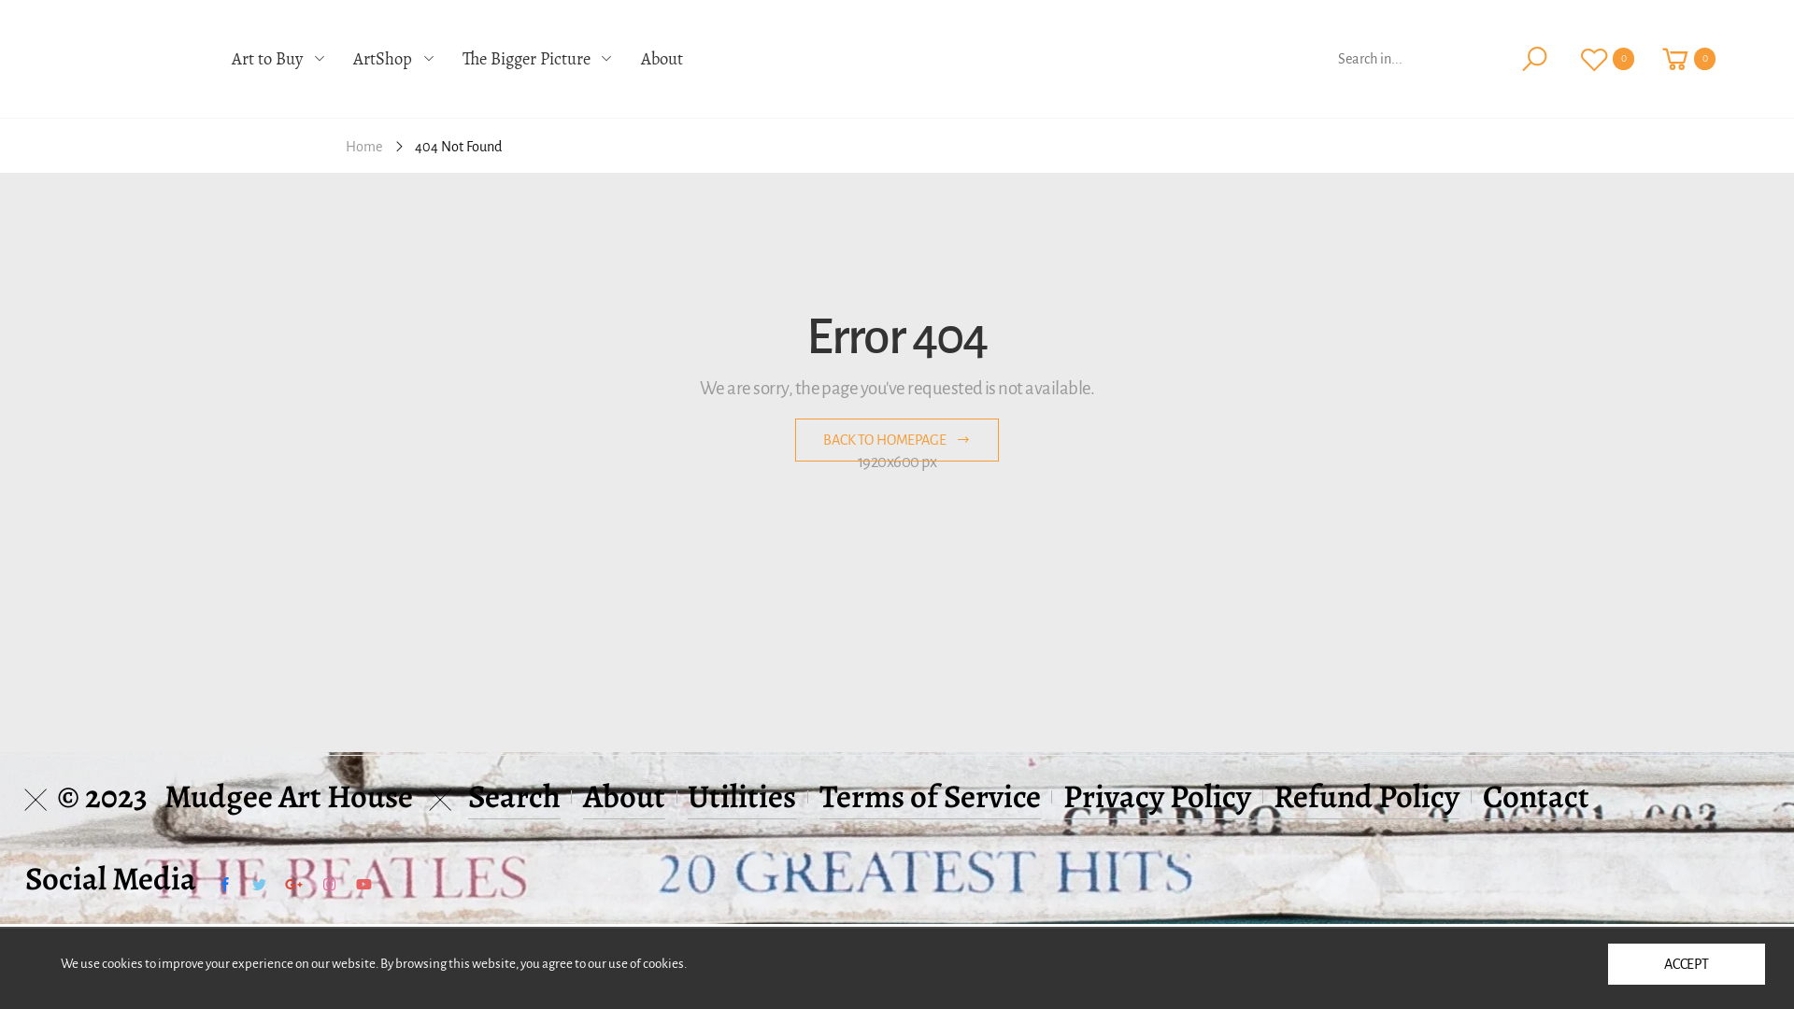 This screenshot has width=1794, height=1009. What do you see at coordinates (1686, 964) in the screenshot?
I see `'ACCEPT'` at bounding box center [1686, 964].